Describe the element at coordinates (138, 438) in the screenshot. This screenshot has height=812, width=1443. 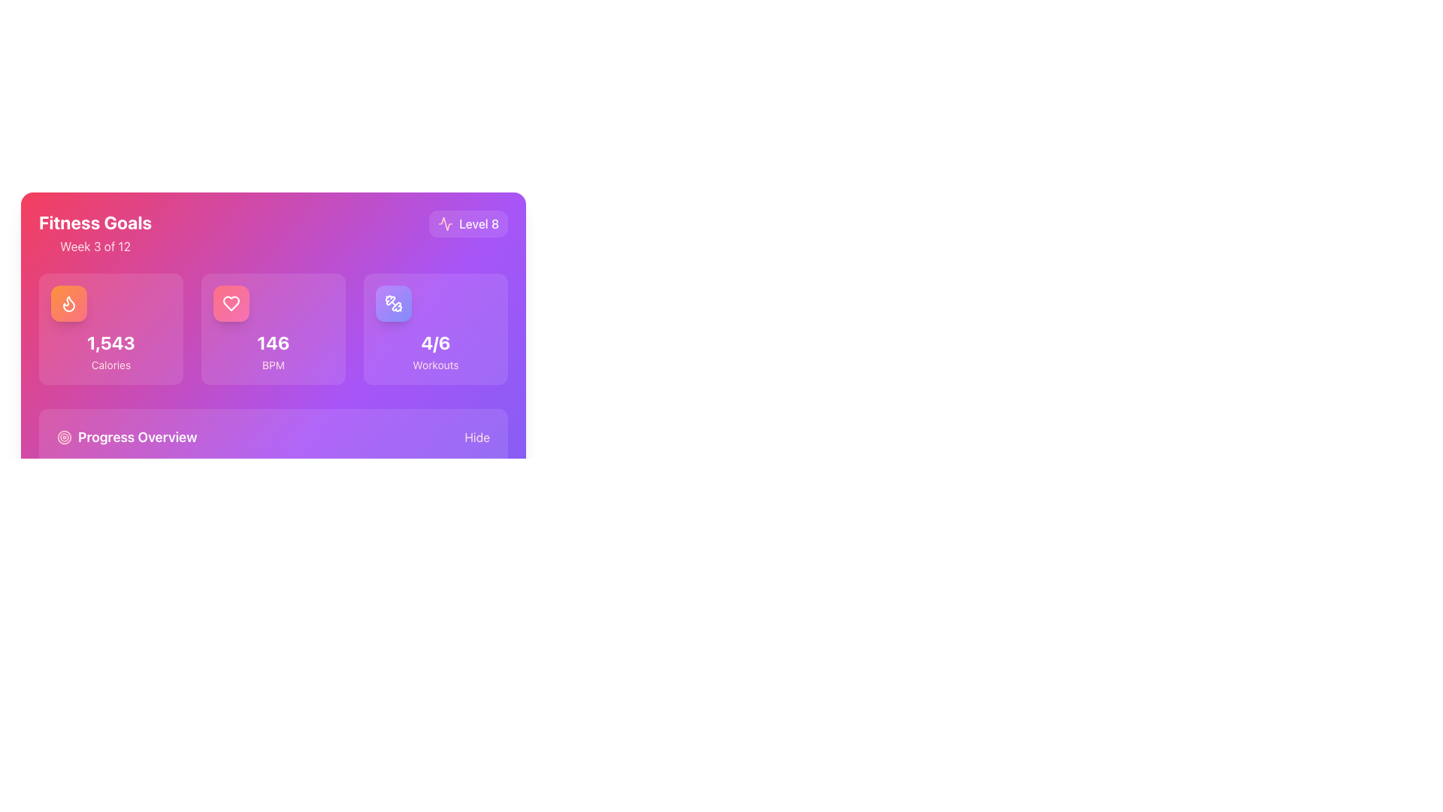
I see `the text component displaying 'Progress Overview' which is styled with a bold, larger font size and white color, located in a purple shaded area at the bottom-left corner of the interface, aligned next to a circular target icon` at that location.